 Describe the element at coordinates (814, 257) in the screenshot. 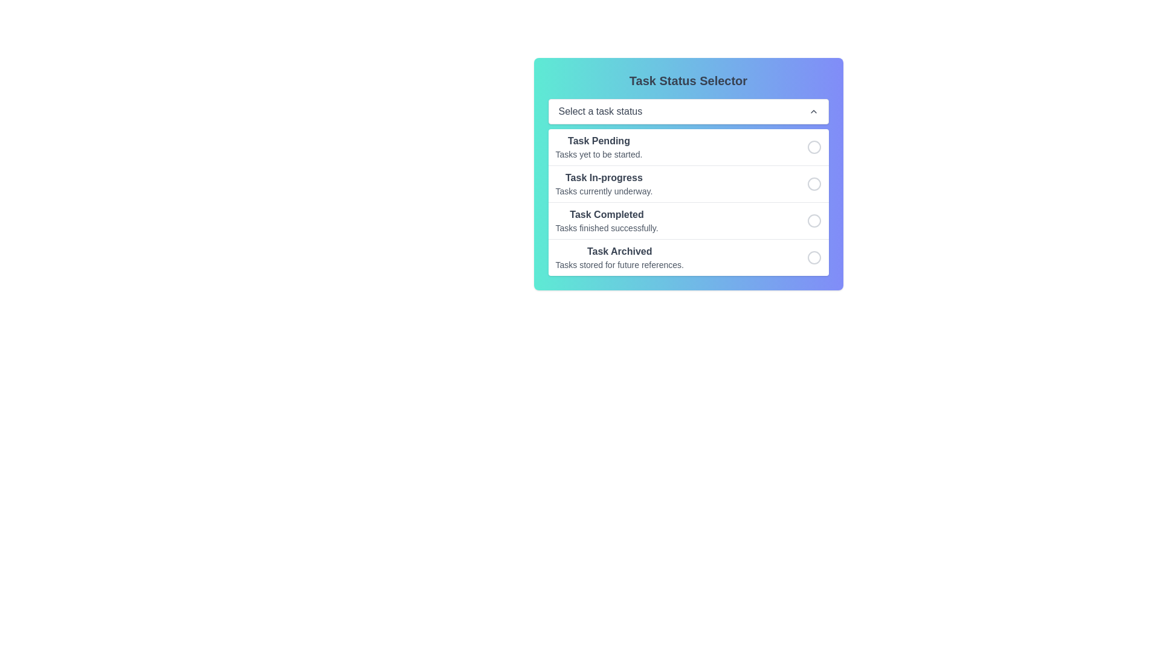

I see `the radio button corresponding to the 'Task Archived' option` at that location.